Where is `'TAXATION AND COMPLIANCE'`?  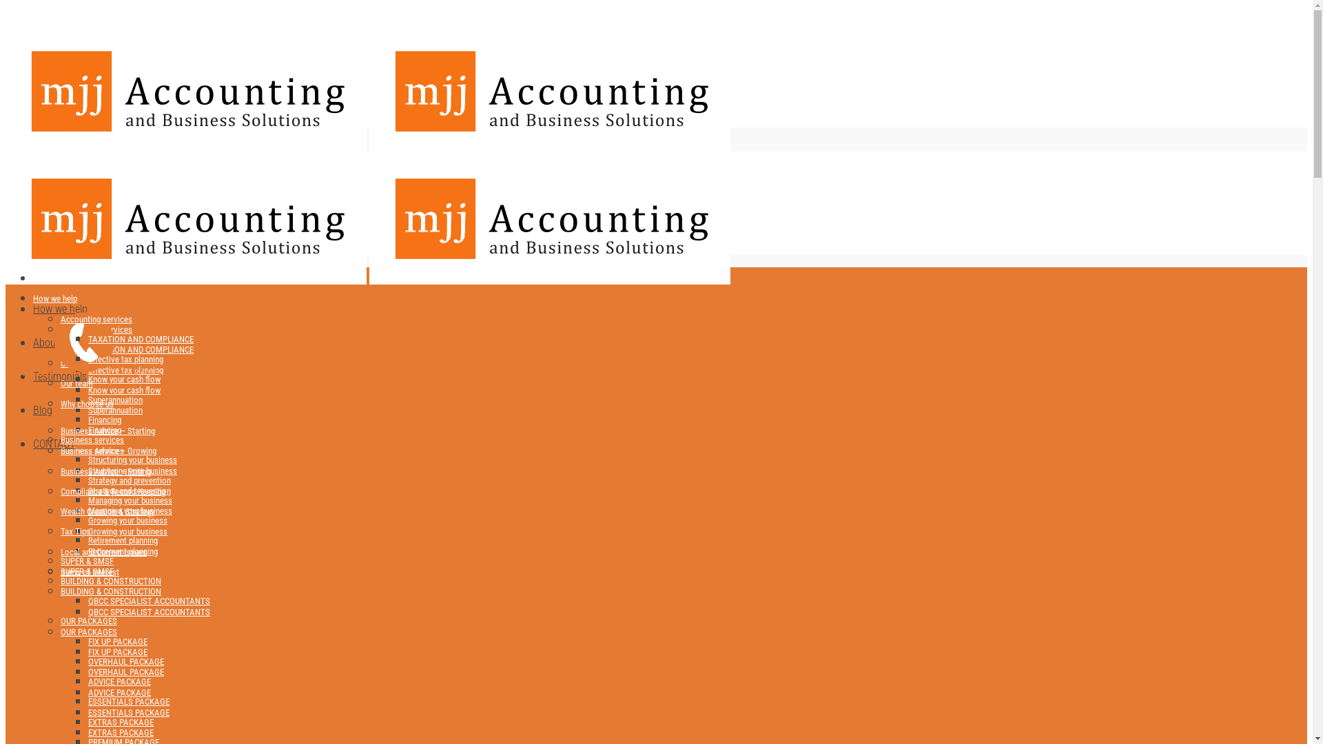 'TAXATION AND COMPLIANCE' is located at coordinates (141, 349).